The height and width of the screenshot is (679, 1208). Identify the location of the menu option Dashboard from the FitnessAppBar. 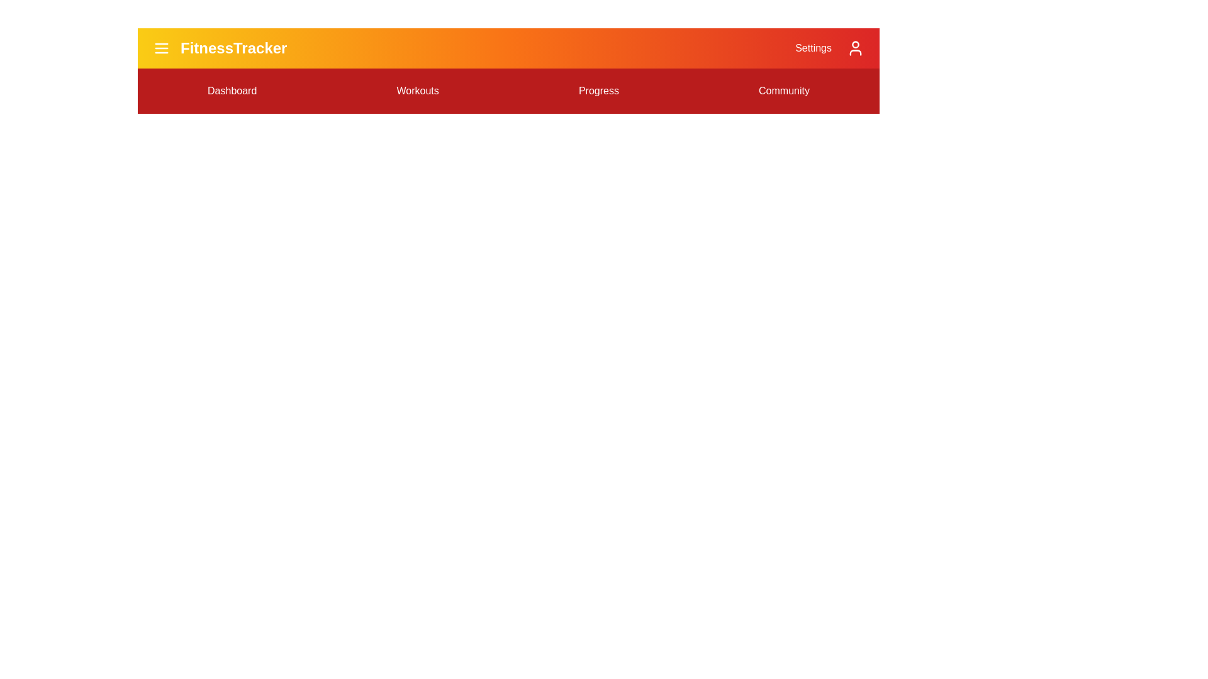
(232, 91).